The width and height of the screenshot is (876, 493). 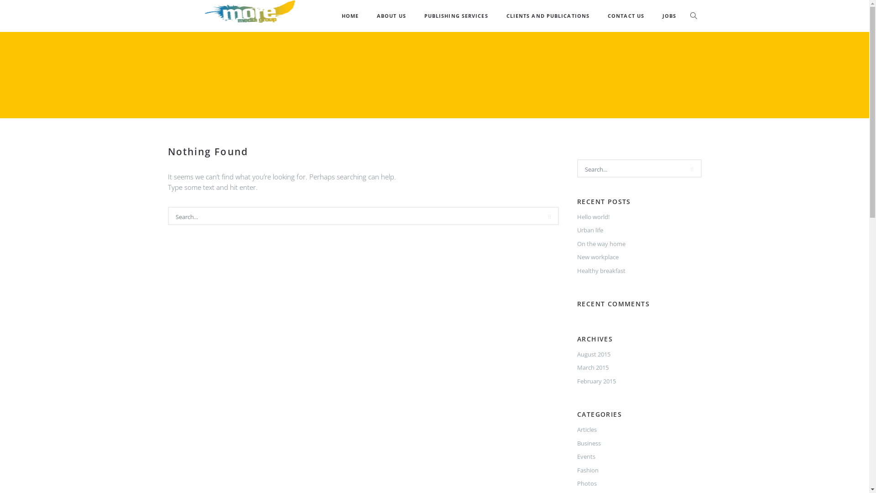 What do you see at coordinates (587, 430) in the screenshot?
I see `'Articles'` at bounding box center [587, 430].